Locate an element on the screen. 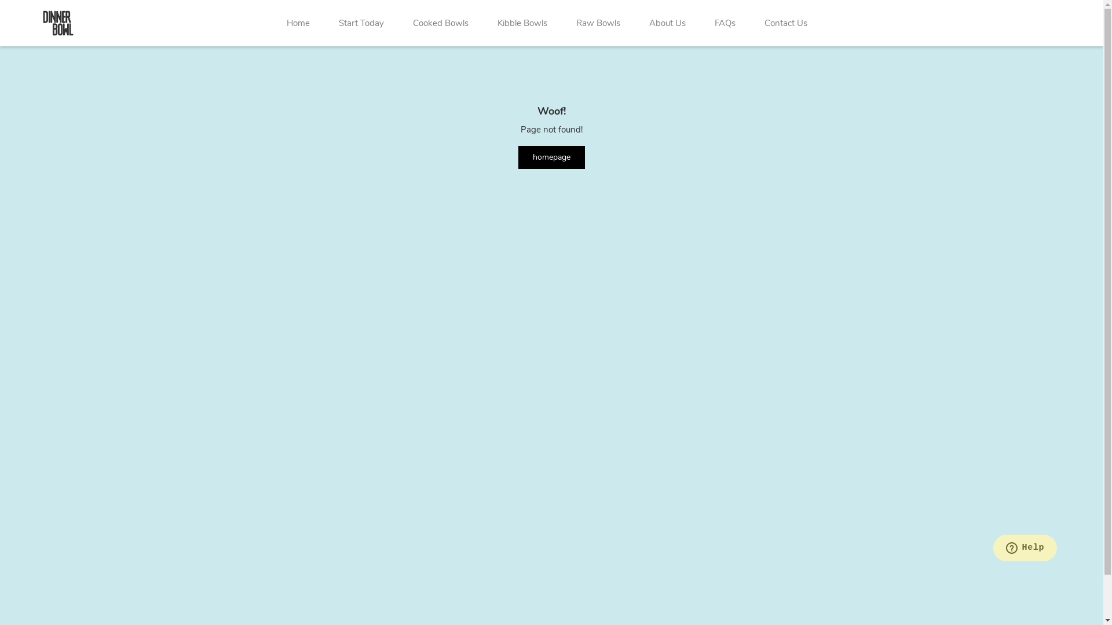 This screenshot has height=625, width=1112. 'Kibble Bowls' is located at coordinates (522, 23).